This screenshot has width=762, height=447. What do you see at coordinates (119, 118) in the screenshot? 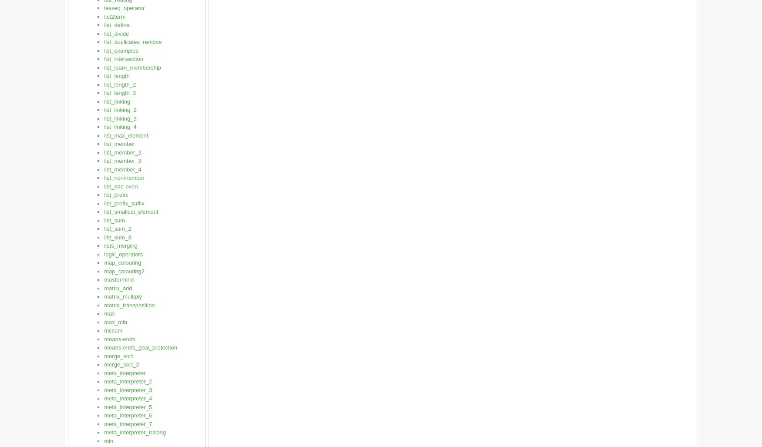
I see `'list_linking_3'` at bounding box center [119, 118].